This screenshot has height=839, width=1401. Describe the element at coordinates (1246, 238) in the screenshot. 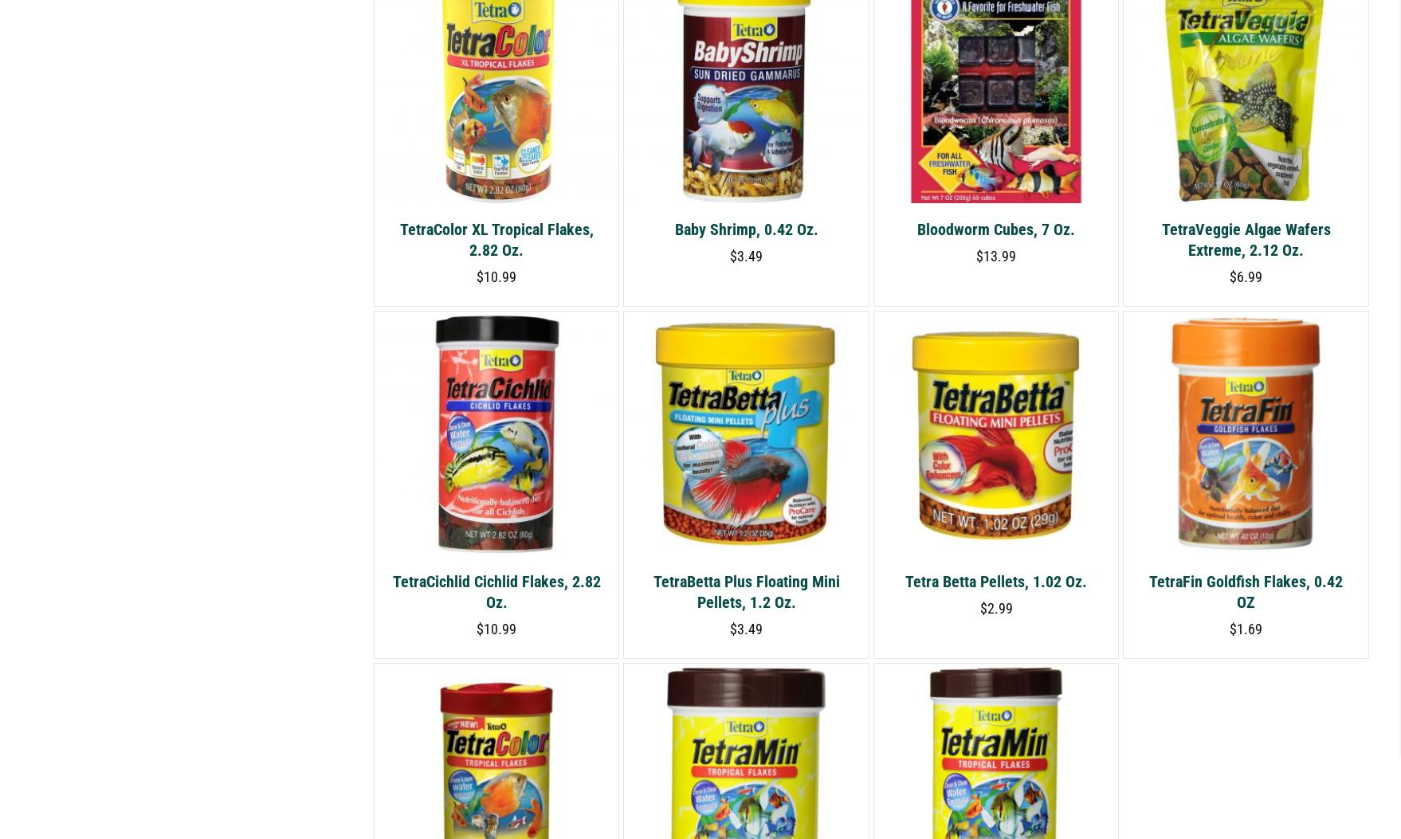

I see `'TetraVeggie Algae Wafers Extreme, 2.12 oz.'` at that location.